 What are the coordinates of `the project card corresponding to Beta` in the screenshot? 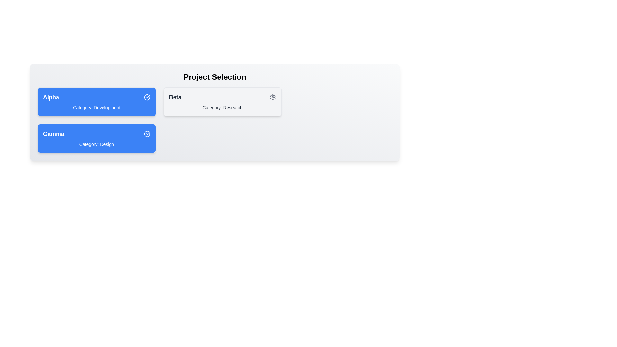 It's located at (222, 101).